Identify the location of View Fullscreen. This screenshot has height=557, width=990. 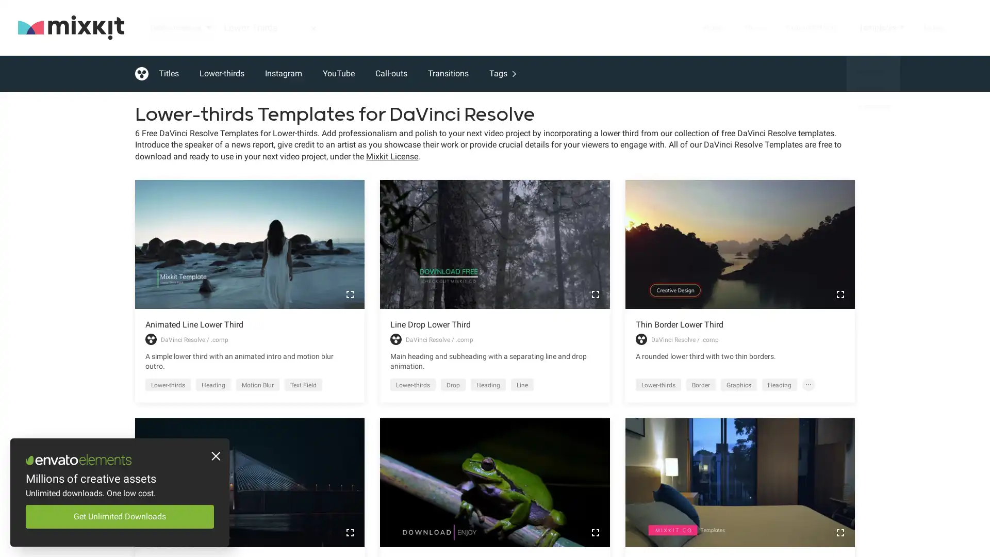
(839, 294).